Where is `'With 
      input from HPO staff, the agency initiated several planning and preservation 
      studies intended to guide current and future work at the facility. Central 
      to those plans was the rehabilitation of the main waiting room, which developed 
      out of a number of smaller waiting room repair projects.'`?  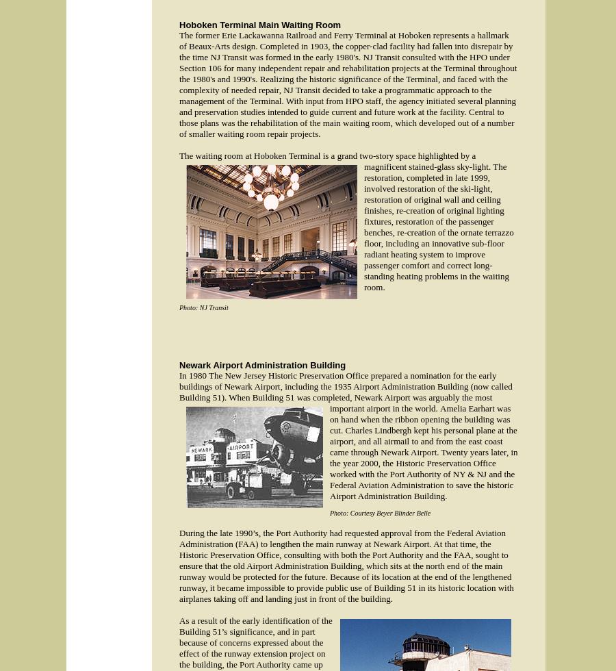 'With 
      input from HPO staff, the agency initiated several planning and preservation 
      studies intended to guide current and future work at the facility. Central 
      to those plans was the rehabilitation of the main waiting room, which developed 
      out of a number of smaller waiting room repair projects.' is located at coordinates (178, 117).